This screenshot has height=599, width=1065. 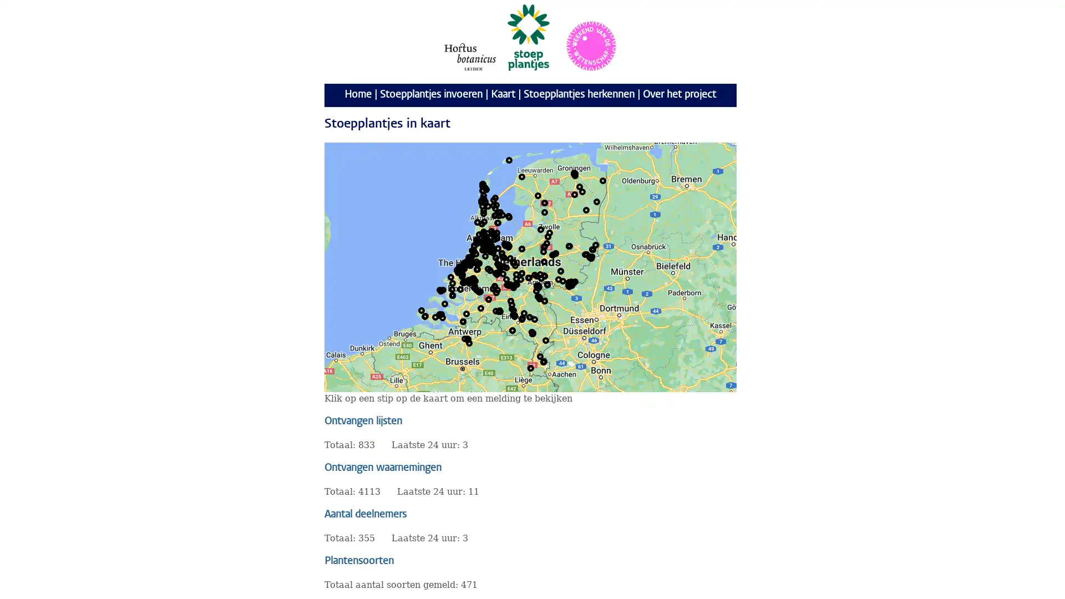 What do you see at coordinates (590, 257) in the screenshot?
I see `Telling van Marcel Meijer Hof op 05 februari 2022` at bounding box center [590, 257].